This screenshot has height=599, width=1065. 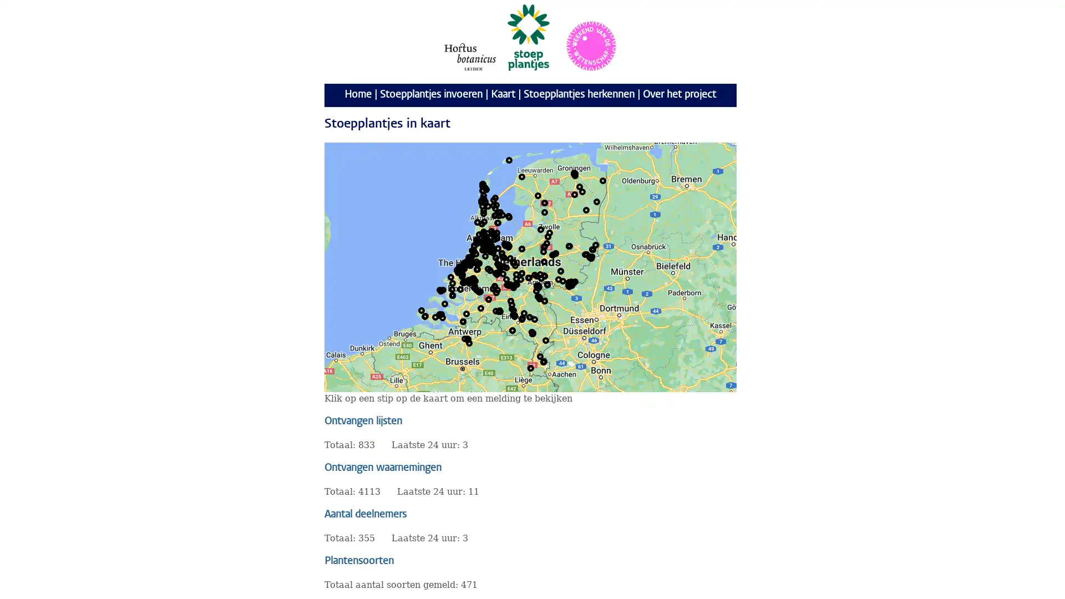 What do you see at coordinates (590, 257) in the screenshot?
I see `Telling van Marcel Meijer Hof op 05 februari 2022` at bounding box center [590, 257].